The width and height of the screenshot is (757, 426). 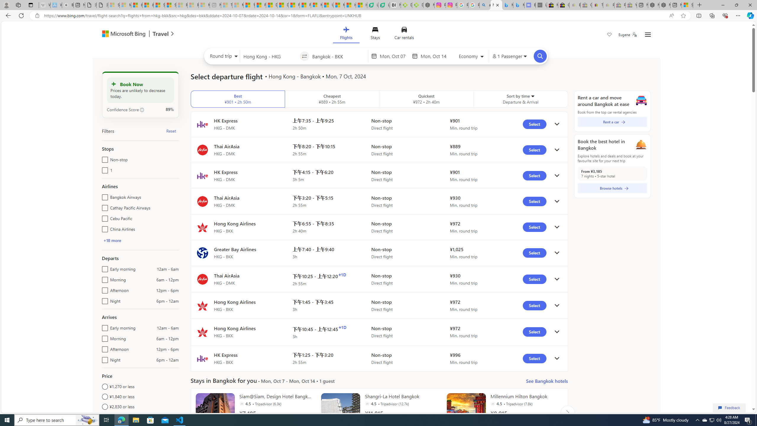 I want to click on 'Press Room - eBay Inc. - Sleeping', so click(x=619, y=5).